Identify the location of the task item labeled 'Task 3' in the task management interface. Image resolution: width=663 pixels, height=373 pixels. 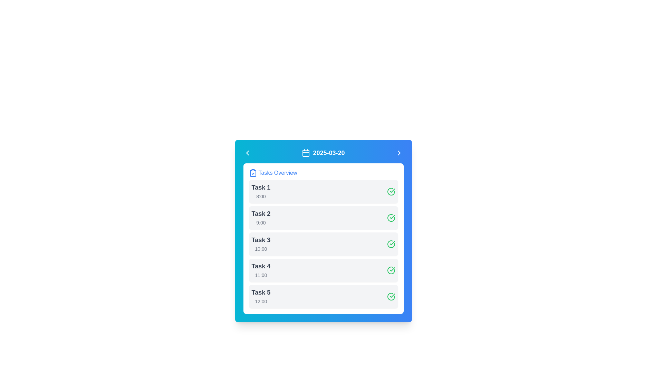
(323, 243).